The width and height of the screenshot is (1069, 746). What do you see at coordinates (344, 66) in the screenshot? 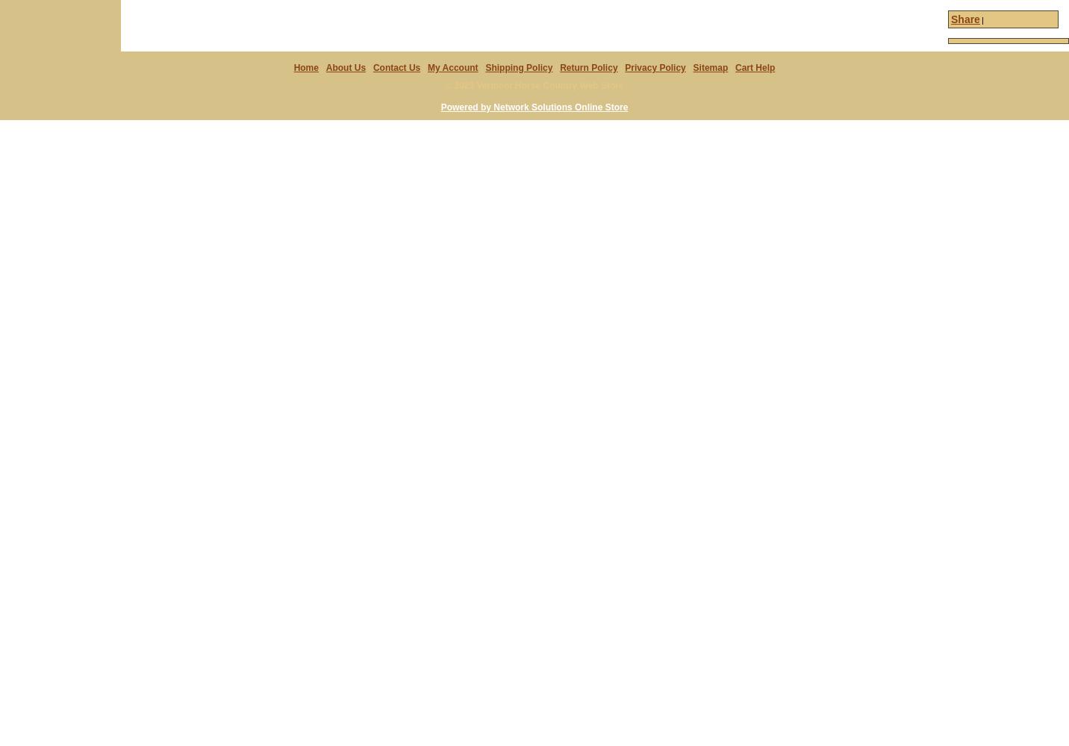
I see `'About Us'` at bounding box center [344, 66].